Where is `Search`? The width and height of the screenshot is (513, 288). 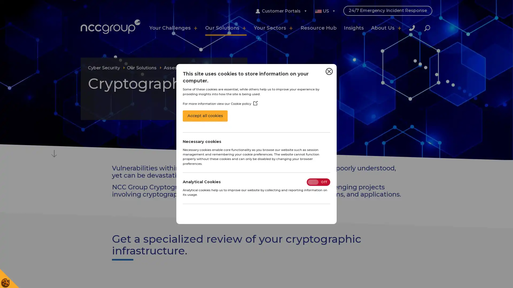 Search is located at coordinates (411, 66).